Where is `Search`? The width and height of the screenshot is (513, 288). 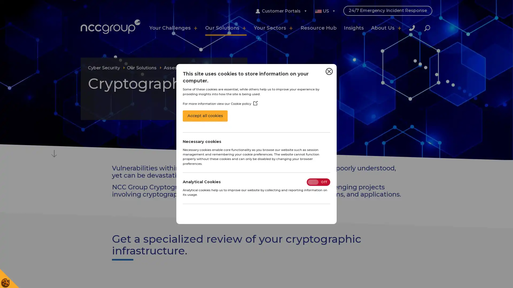 Search is located at coordinates (411, 66).